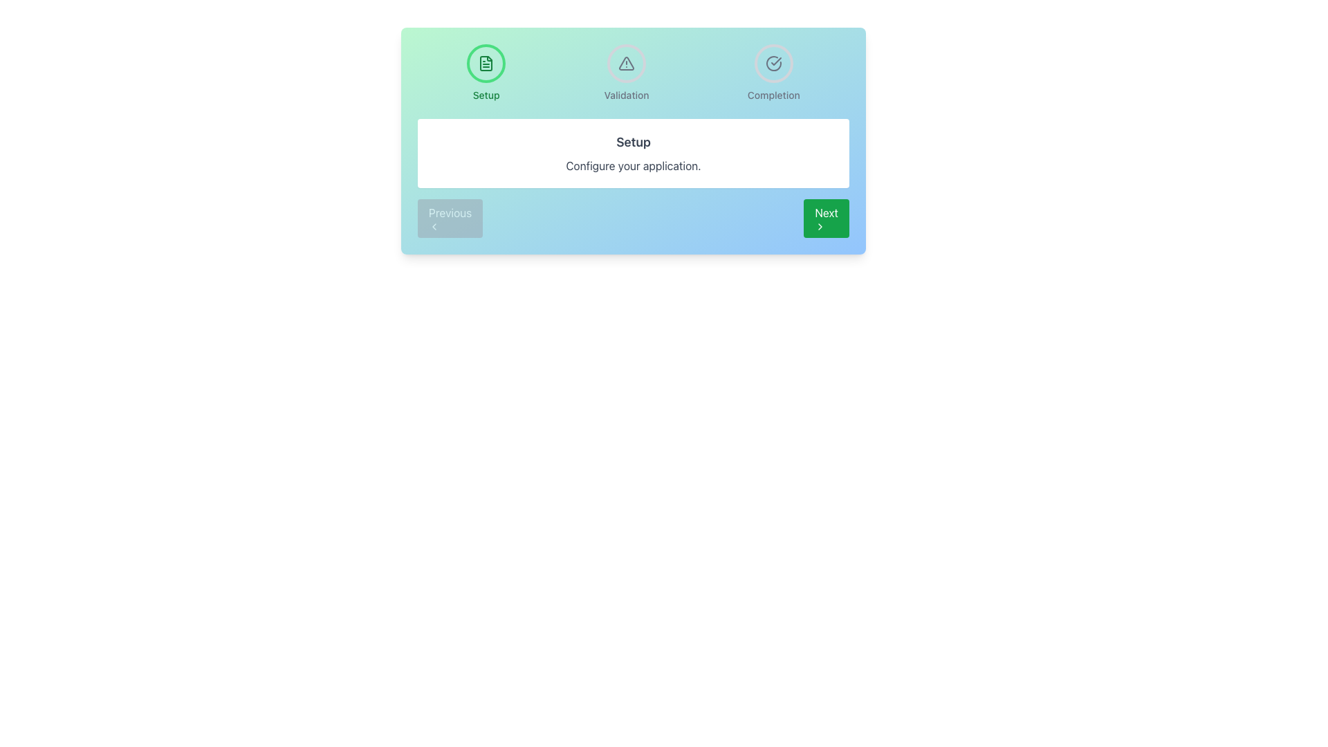 The height and width of the screenshot is (747, 1328). What do you see at coordinates (486, 64) in the screenshot?
I see `the Static icon element, which is a circular icon with a green border and a central minimal line art file symbol, located in the 'Setup' area as the first icon among three step indicators` at bounding box center [486, 64].